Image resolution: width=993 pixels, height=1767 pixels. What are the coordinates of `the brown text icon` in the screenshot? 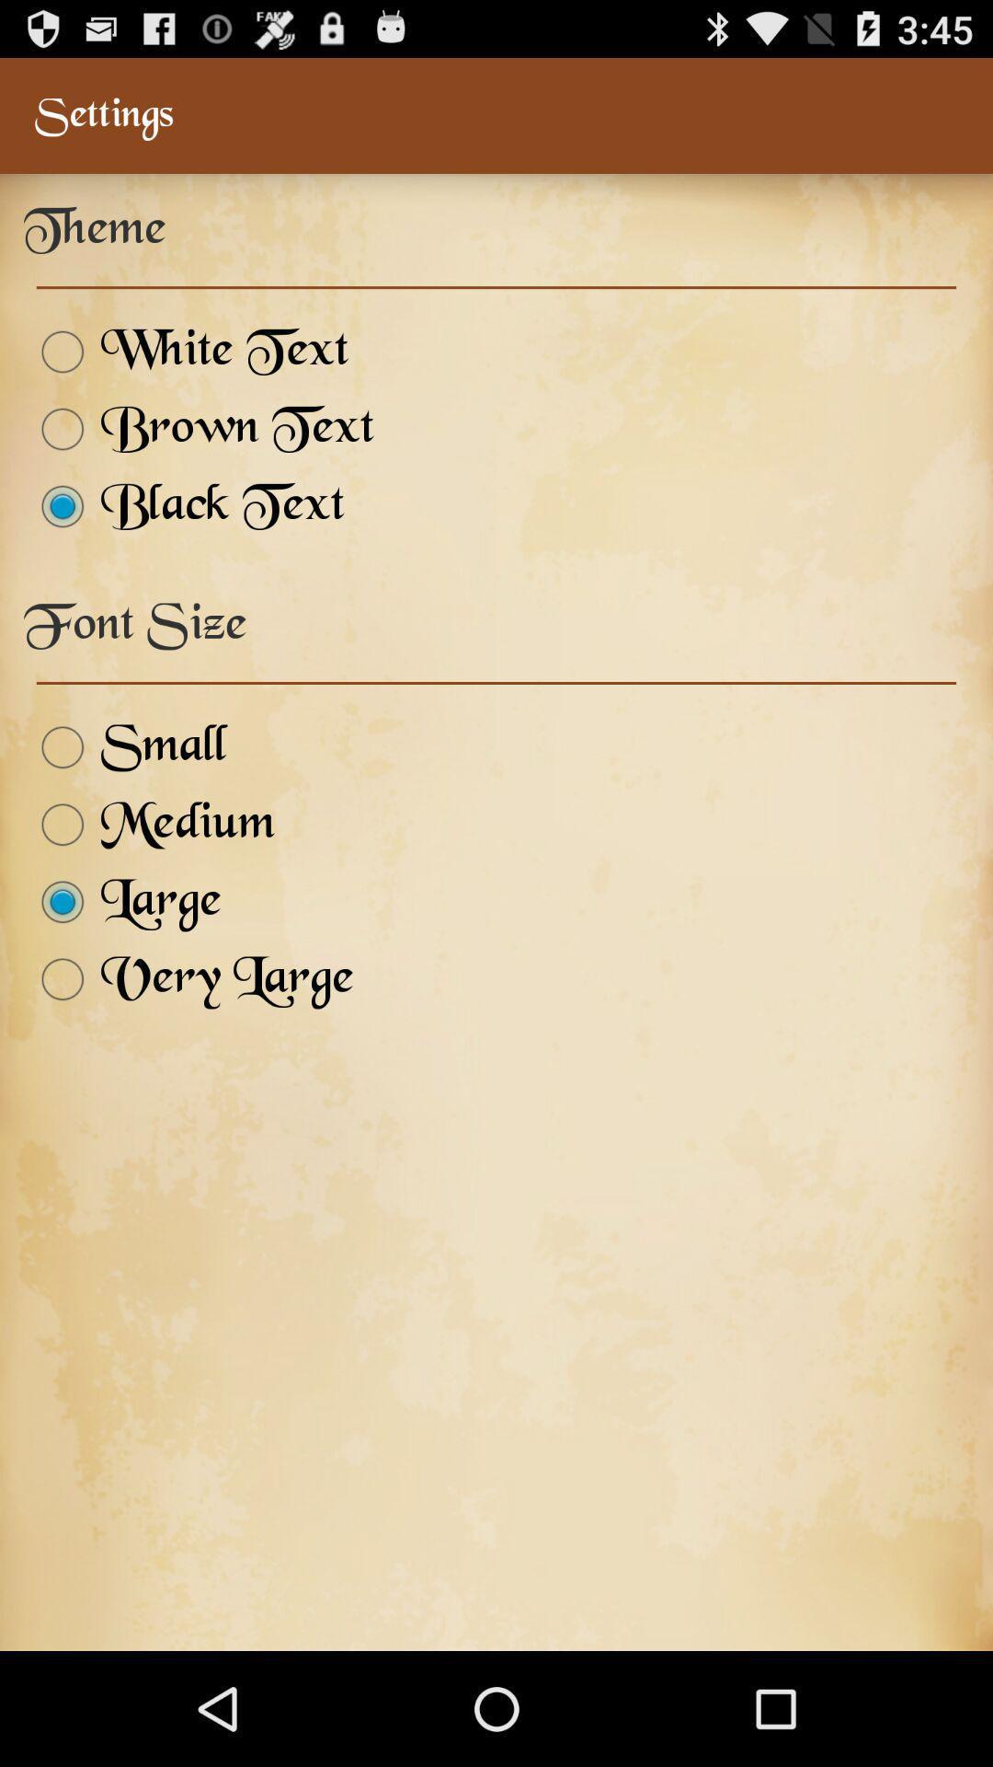 It's located at (199, 428).